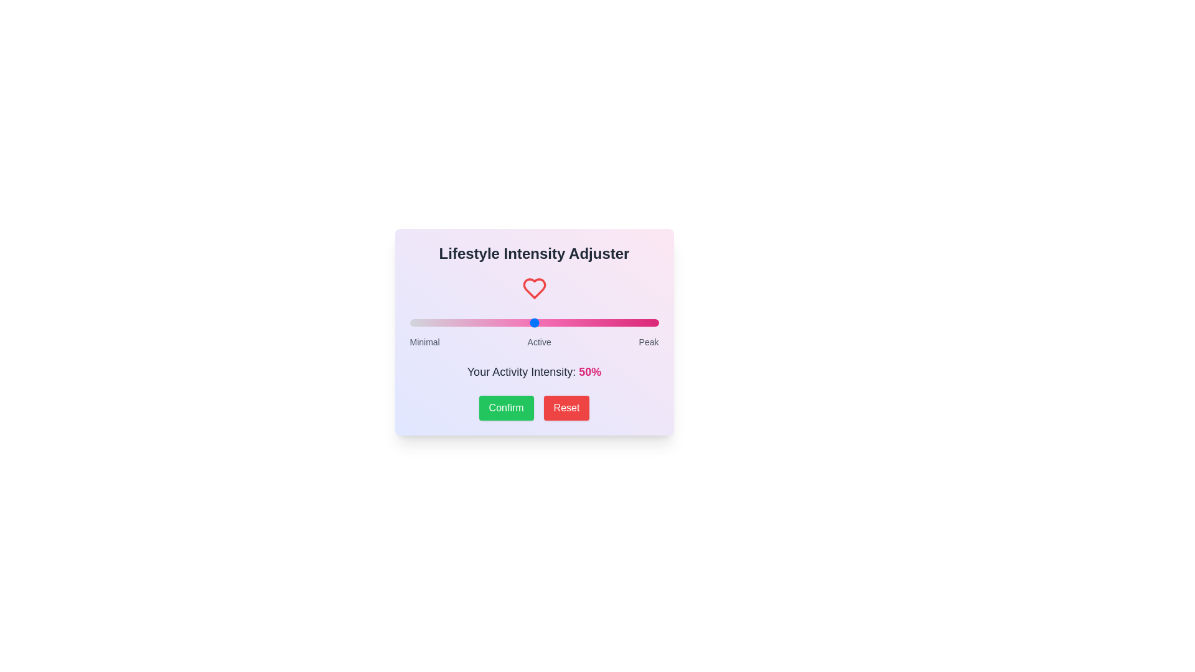  What do you see at coordinates (534, 288) in the screenshot?
I see `the heart icon for visual feedback` at bounding box center [534, 288].